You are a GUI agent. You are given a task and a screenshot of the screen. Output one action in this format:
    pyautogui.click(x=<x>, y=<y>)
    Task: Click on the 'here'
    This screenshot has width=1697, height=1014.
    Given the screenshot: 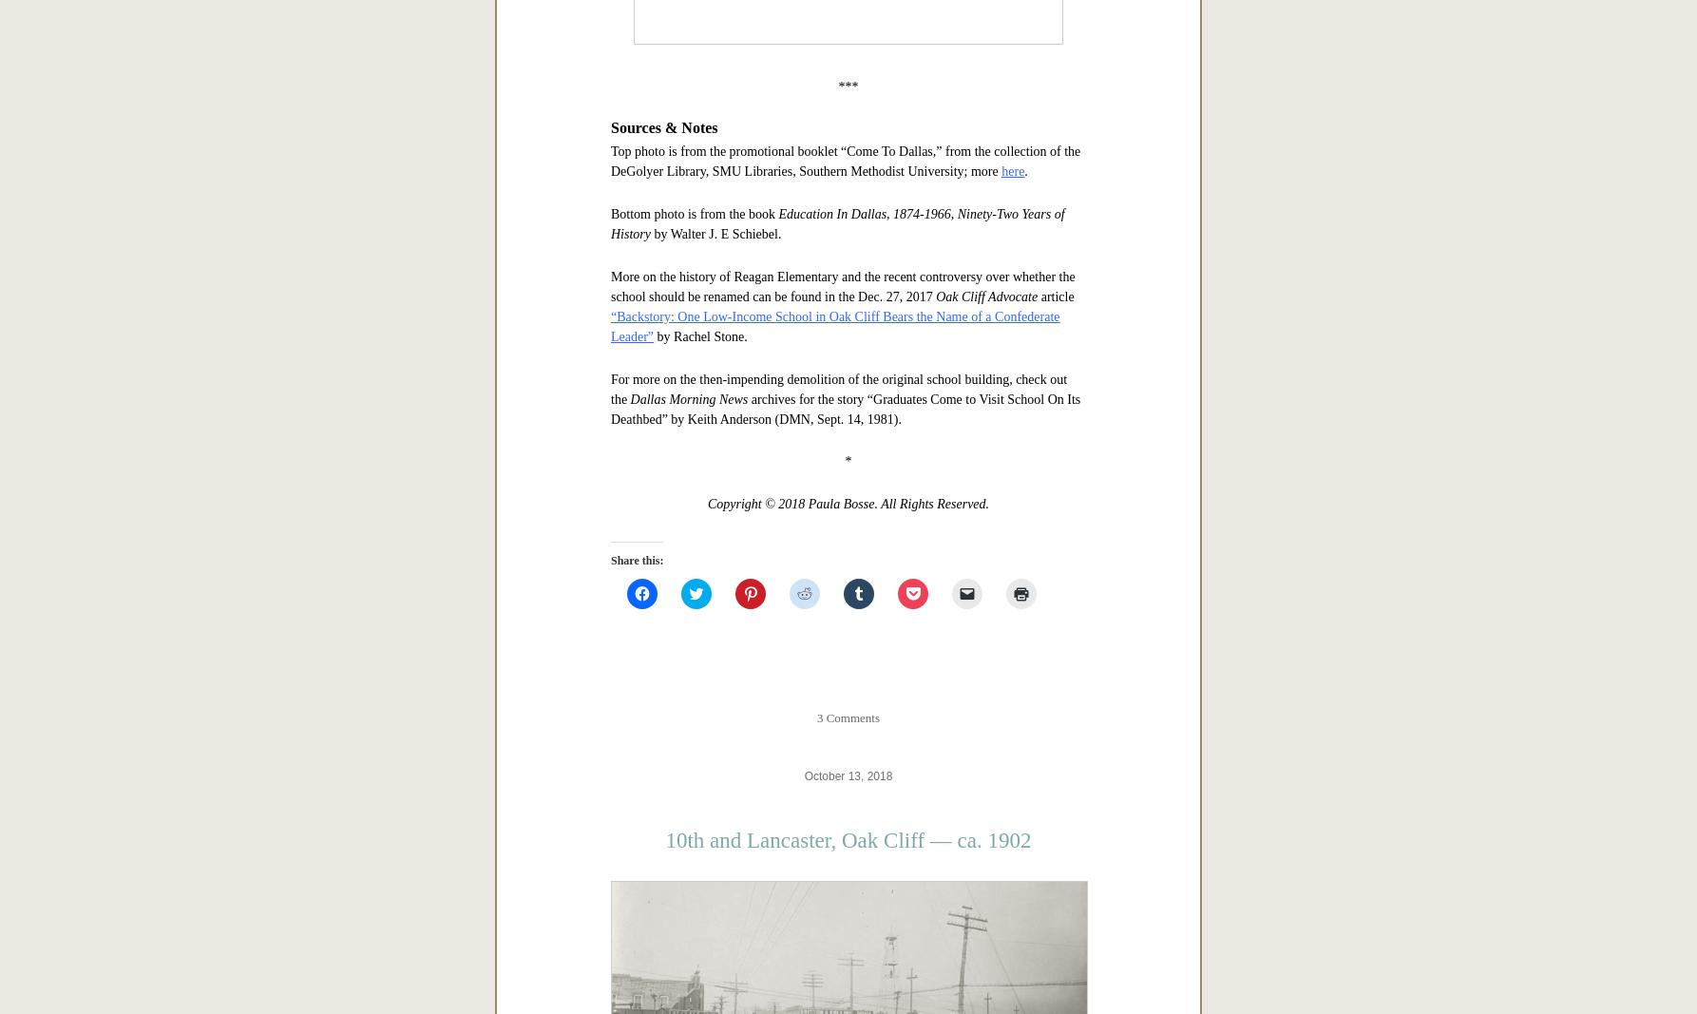 What is the action you would take?
    pyautogui.click(x=1012, y=767)
    